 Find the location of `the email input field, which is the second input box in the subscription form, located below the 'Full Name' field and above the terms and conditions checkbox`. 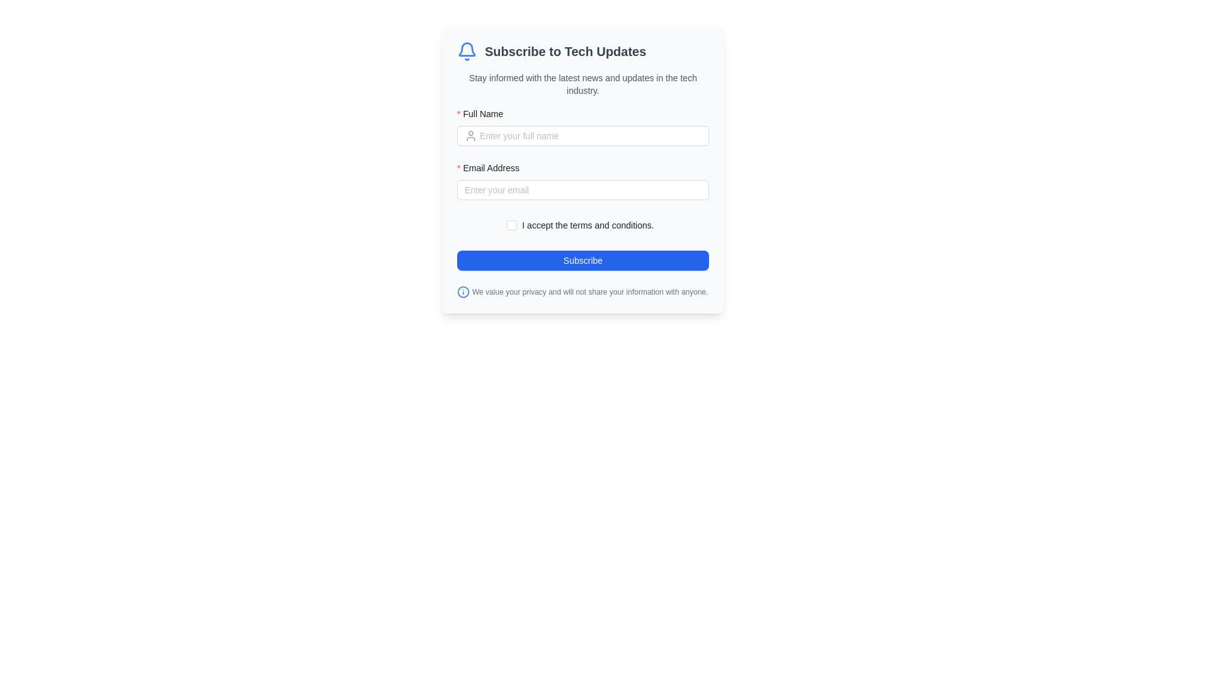

the email input field, which is the second input box in the subscription form, located below the 'Full Name' field and above the terms and conditions checkbox is located at coordinates (582, 180).